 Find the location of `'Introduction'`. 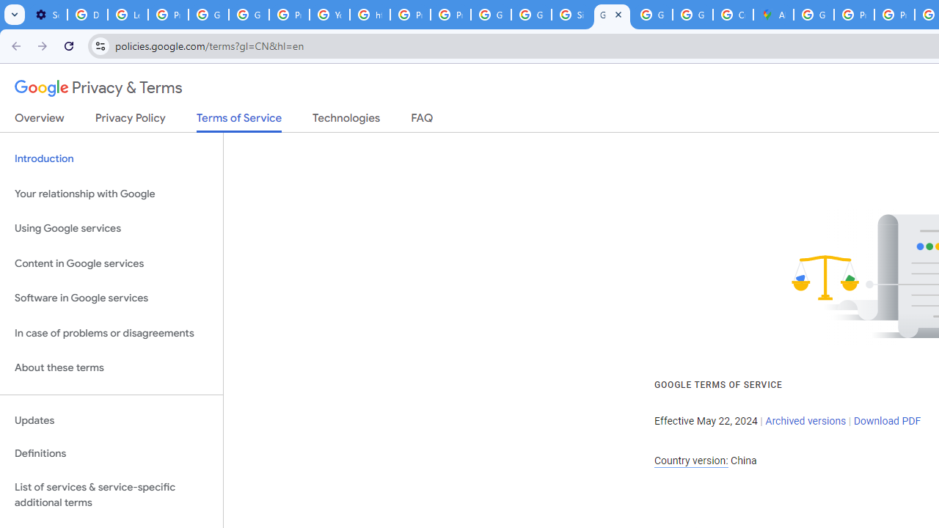

'Introduction' is located at coordinates (111, 159).